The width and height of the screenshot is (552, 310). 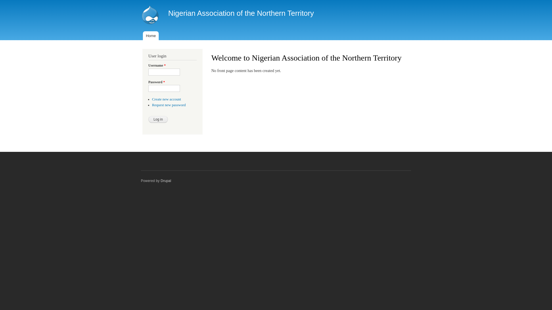 What do you see at coordinates (158, 119) in the screenshot?
I see `'Log in'` at bounding box center [158, 119].